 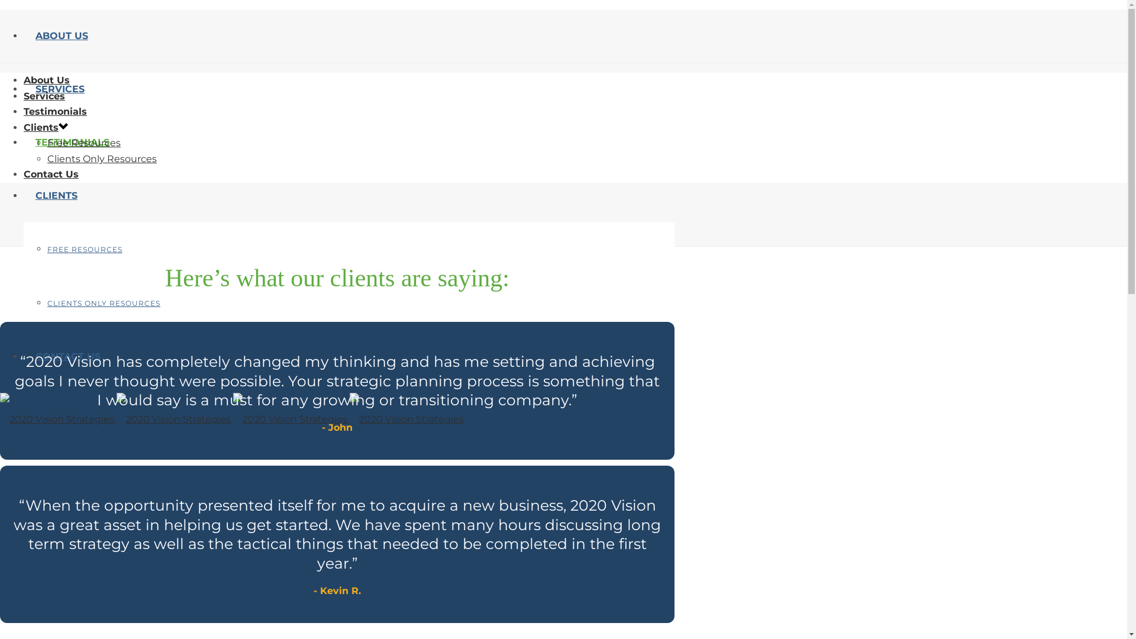 What do you see at coordinates (50, 174) in the screenshot?
I see `'Contact Us'` at bounding box center [50, 174].